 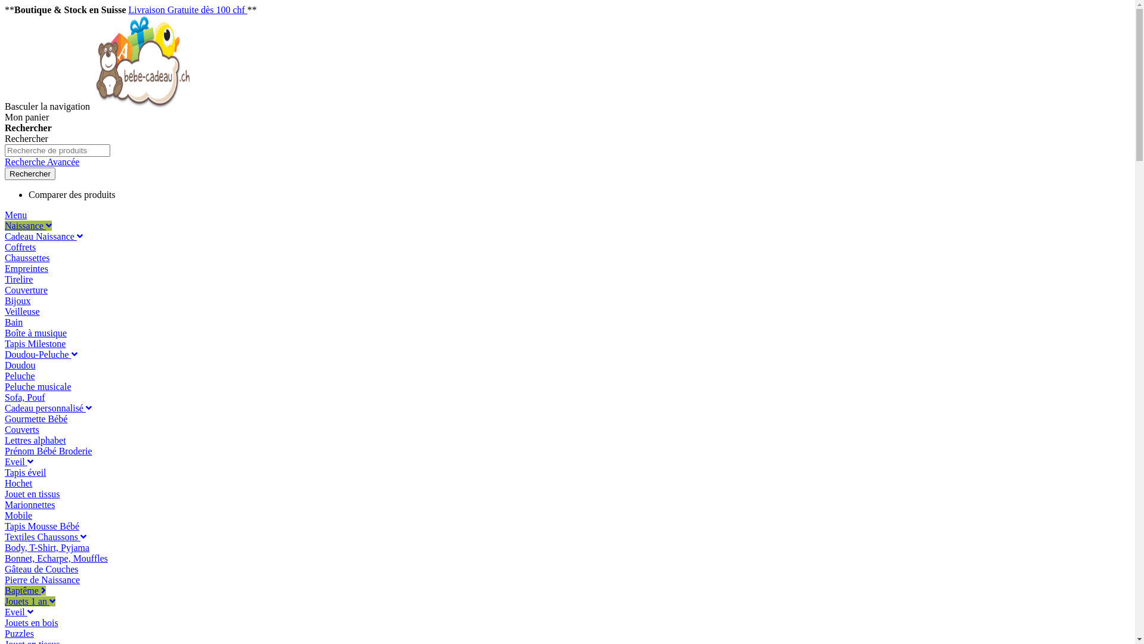 What do you see at coordinates (20, 246) in the screenshot?
I see `'Coffrets'` at bounding box center [20, 246].